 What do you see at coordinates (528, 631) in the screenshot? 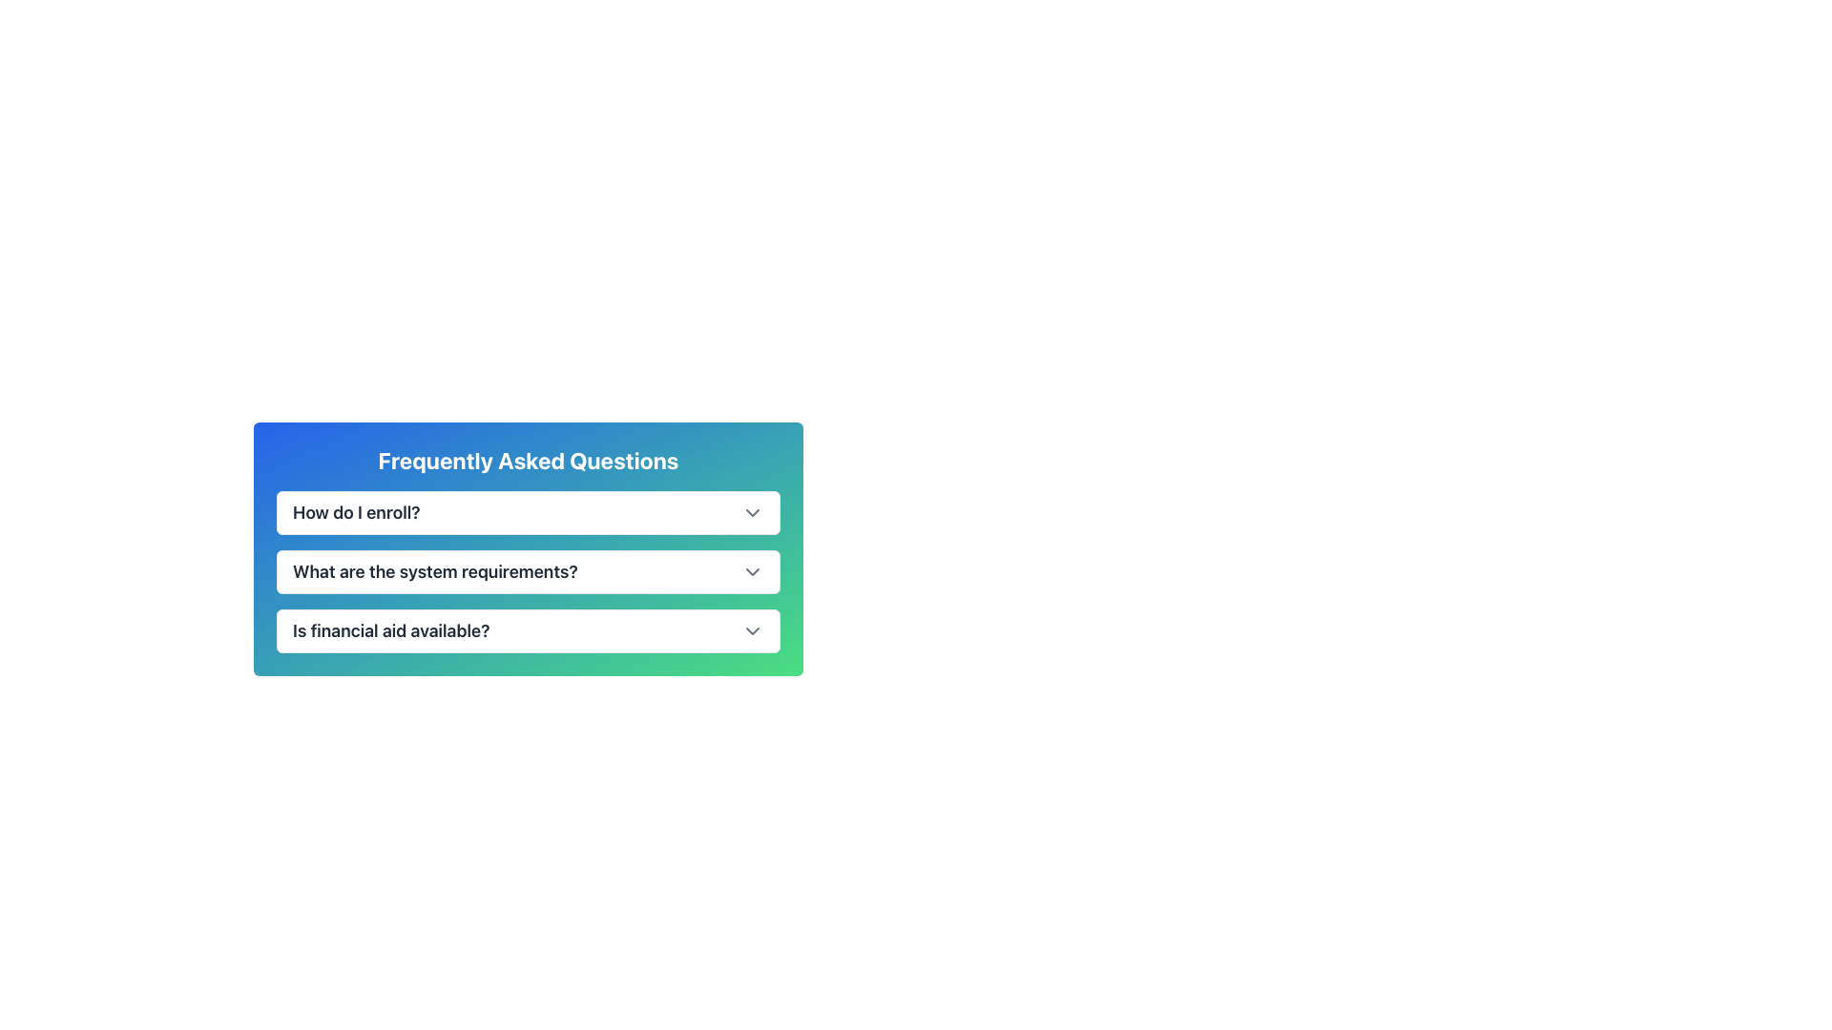
I see `the third collapsible list item under the 'Frequently Asked Questions' section` at bounding box center [528, 631].